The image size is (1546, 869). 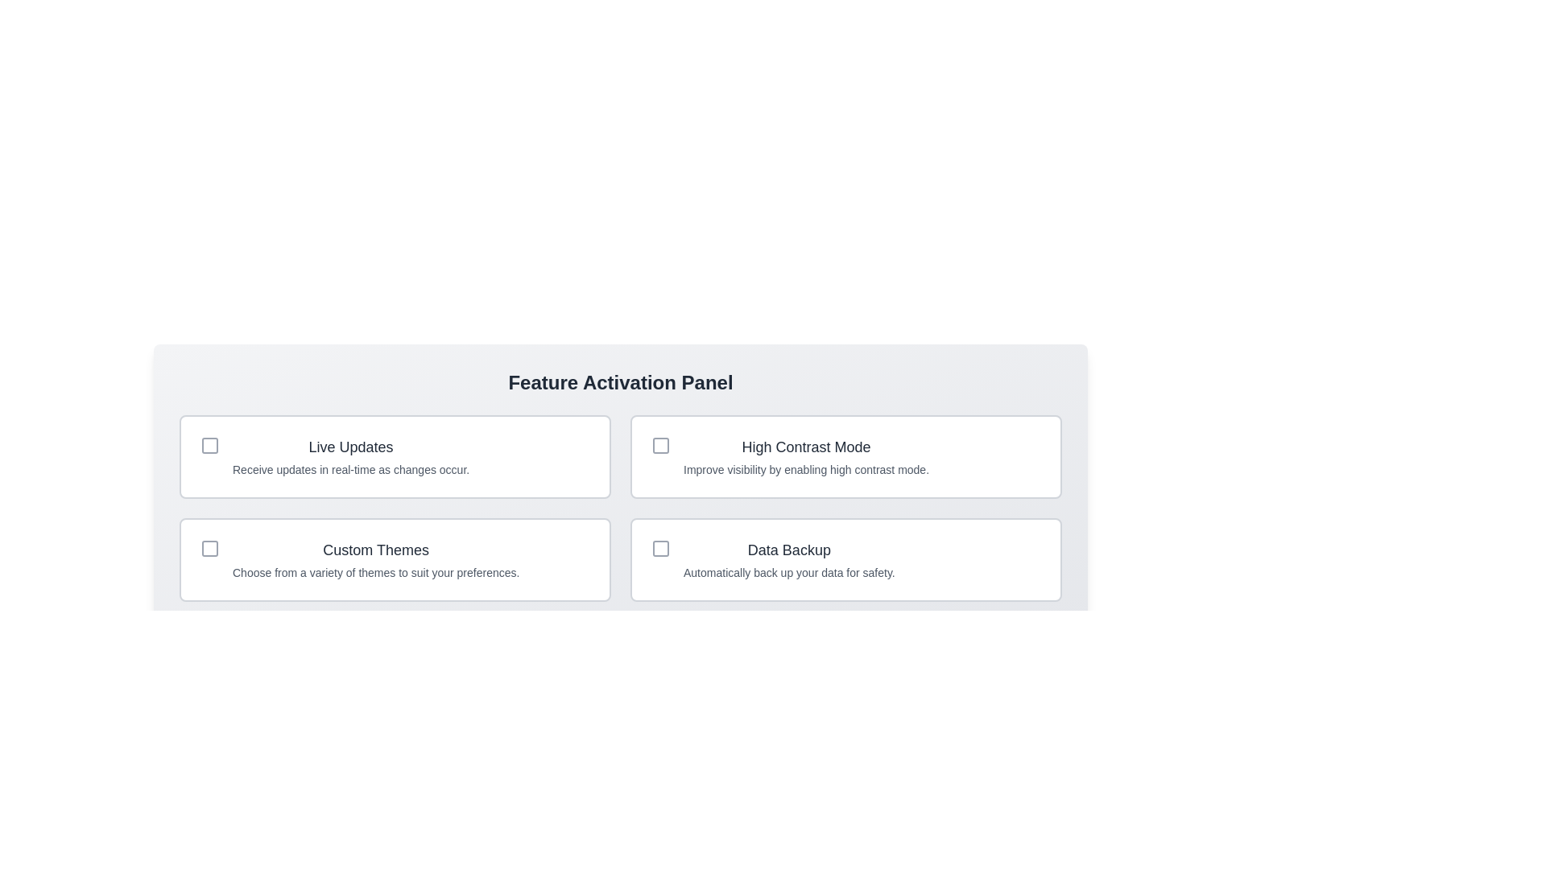 I want to click on descriptive text of the second Option Card with Checkbox that enables high contrast mode, located in the first row of a 2-column grid layout, so click(x=845, y=456).